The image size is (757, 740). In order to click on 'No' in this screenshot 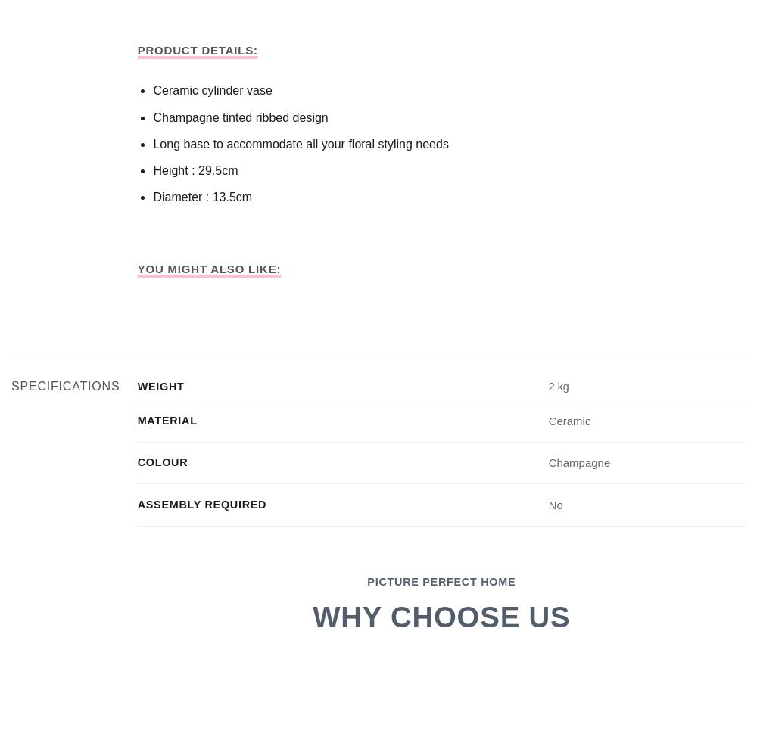, I will do `click(547, 504)`.